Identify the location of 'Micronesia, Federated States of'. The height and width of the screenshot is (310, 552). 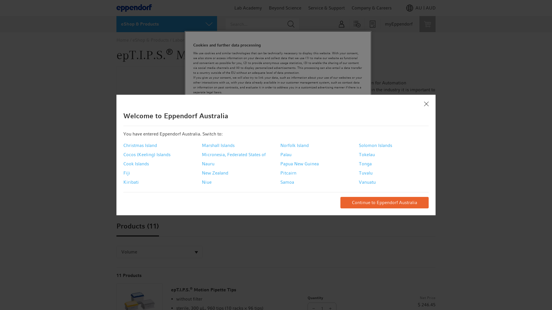
(233, 154).